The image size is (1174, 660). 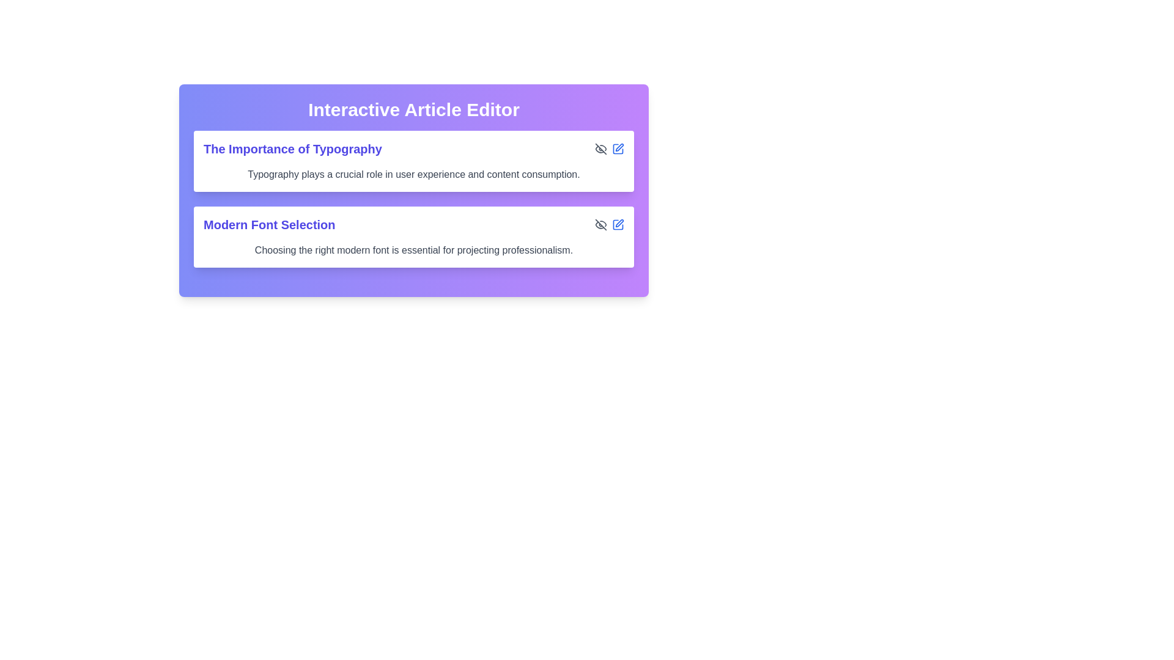 What do you see at coordinates (601, 224) in the screenshot?
I see `the icon button located to the right of the 'Modern Font Selection' title within the purple card interface` at bounding box center [601, 224].